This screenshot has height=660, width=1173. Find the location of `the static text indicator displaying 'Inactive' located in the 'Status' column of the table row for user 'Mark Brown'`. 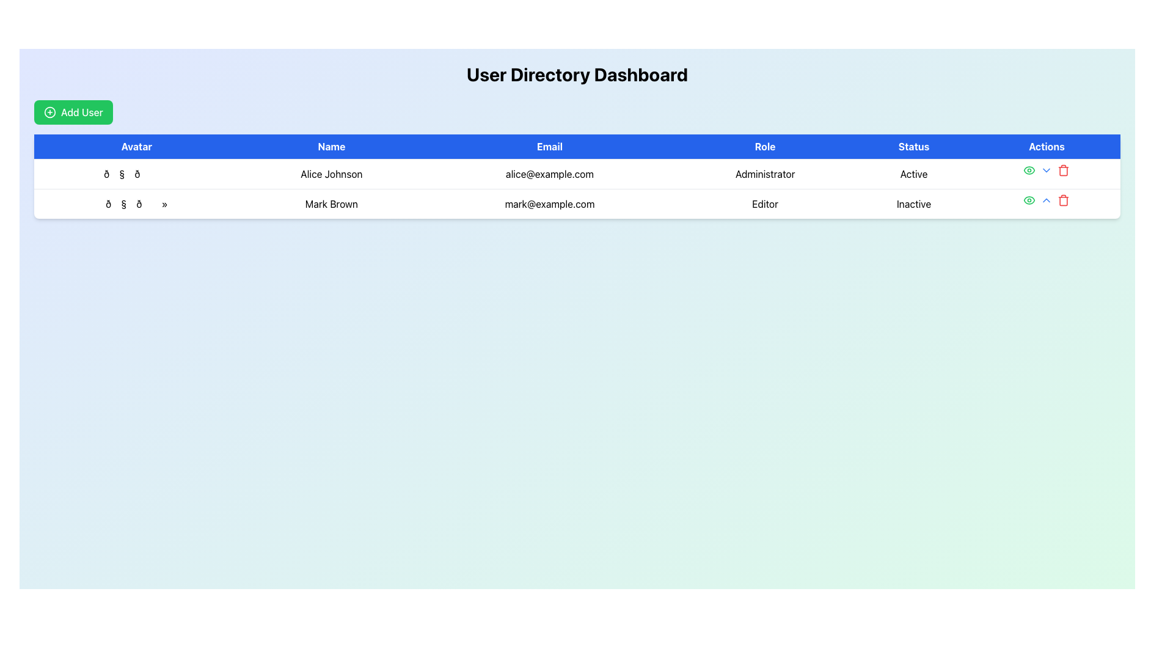

the static text indicator displaying 'Inactive' located in the 'Status' column of the table row for user 'Mark Brown' is located at coordinates (913, 203).